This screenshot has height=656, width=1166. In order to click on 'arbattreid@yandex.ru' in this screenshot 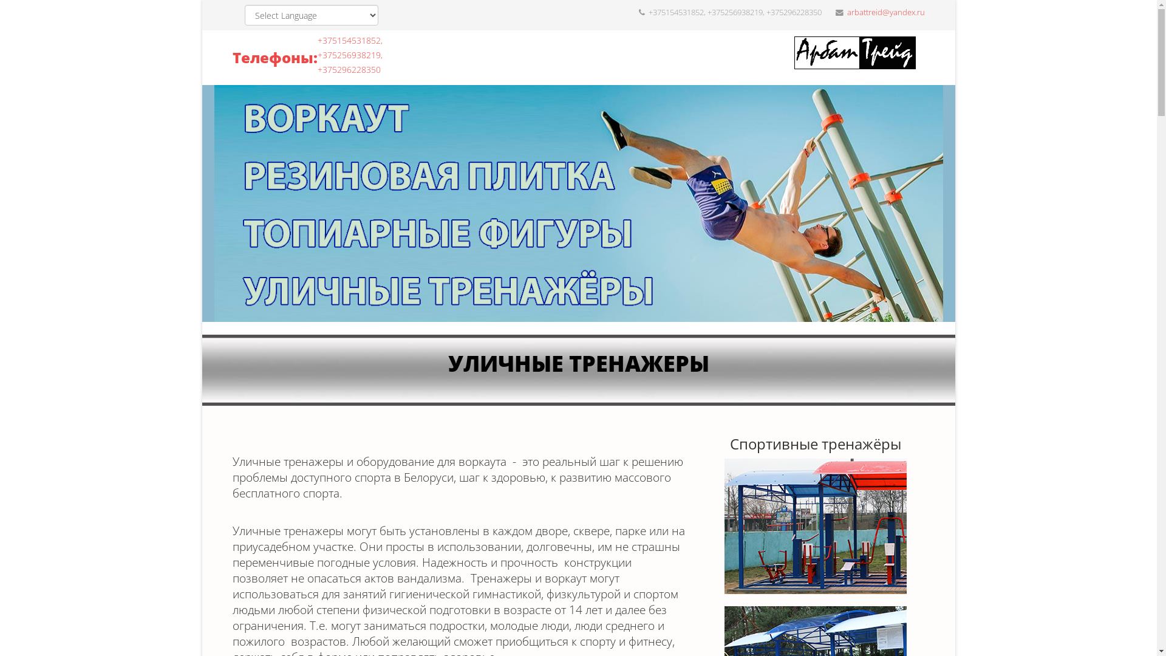, I will do `click(885, 12)`.